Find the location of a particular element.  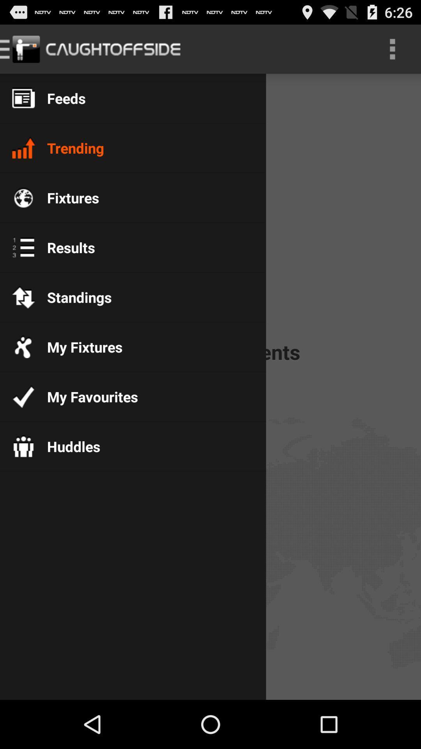

item at the top right corner is located at coordinates (392, 48).